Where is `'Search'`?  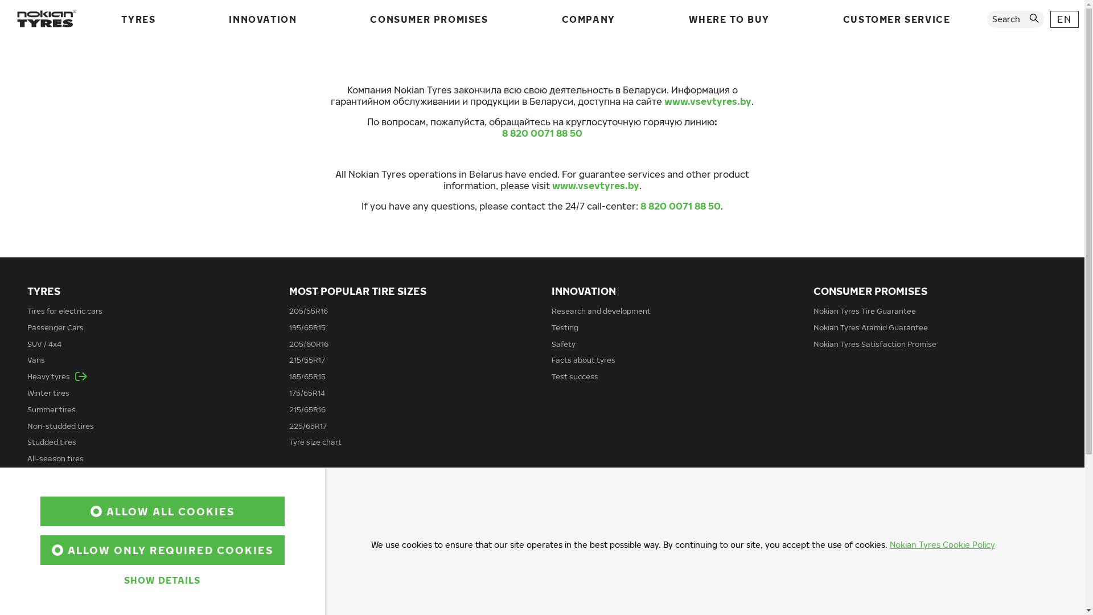 'Search' is located at coordinates (986, 19).